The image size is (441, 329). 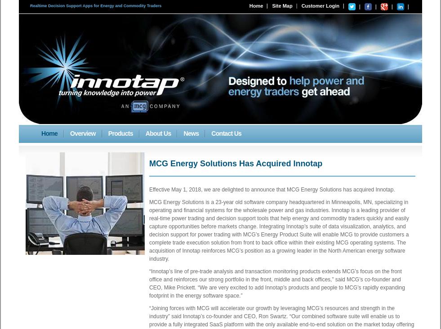 What do you see at coordinates (148, 188) in the screenshot?
I see `'Effective May 1, 2018, we are delighted to announce that MCG Energy Solutions has acquired Innotap.'` at bounding box center [148, 188].